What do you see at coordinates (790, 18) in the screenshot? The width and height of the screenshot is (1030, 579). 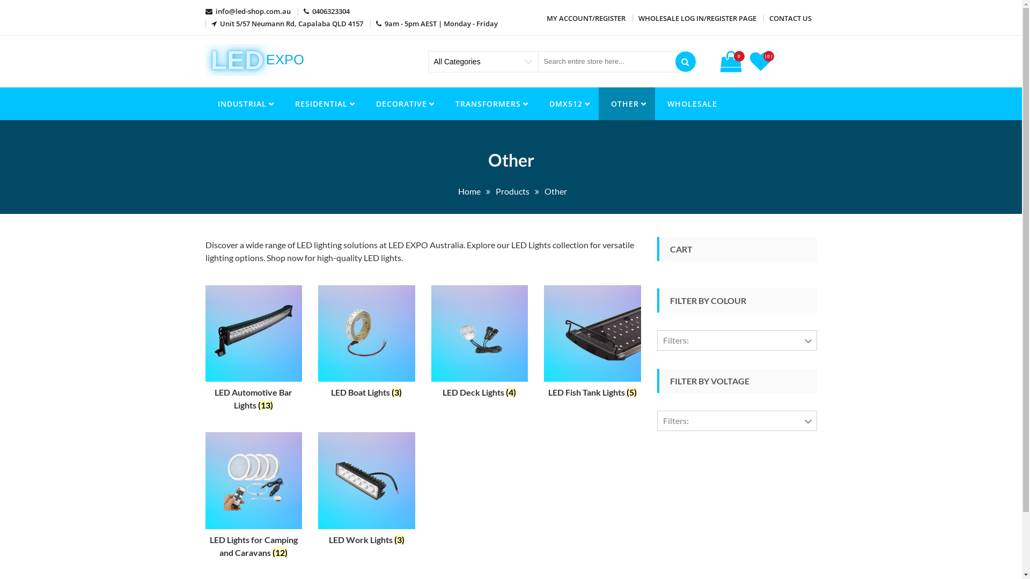 I see `'CONTACT US'` at bounding box center [790, 18].